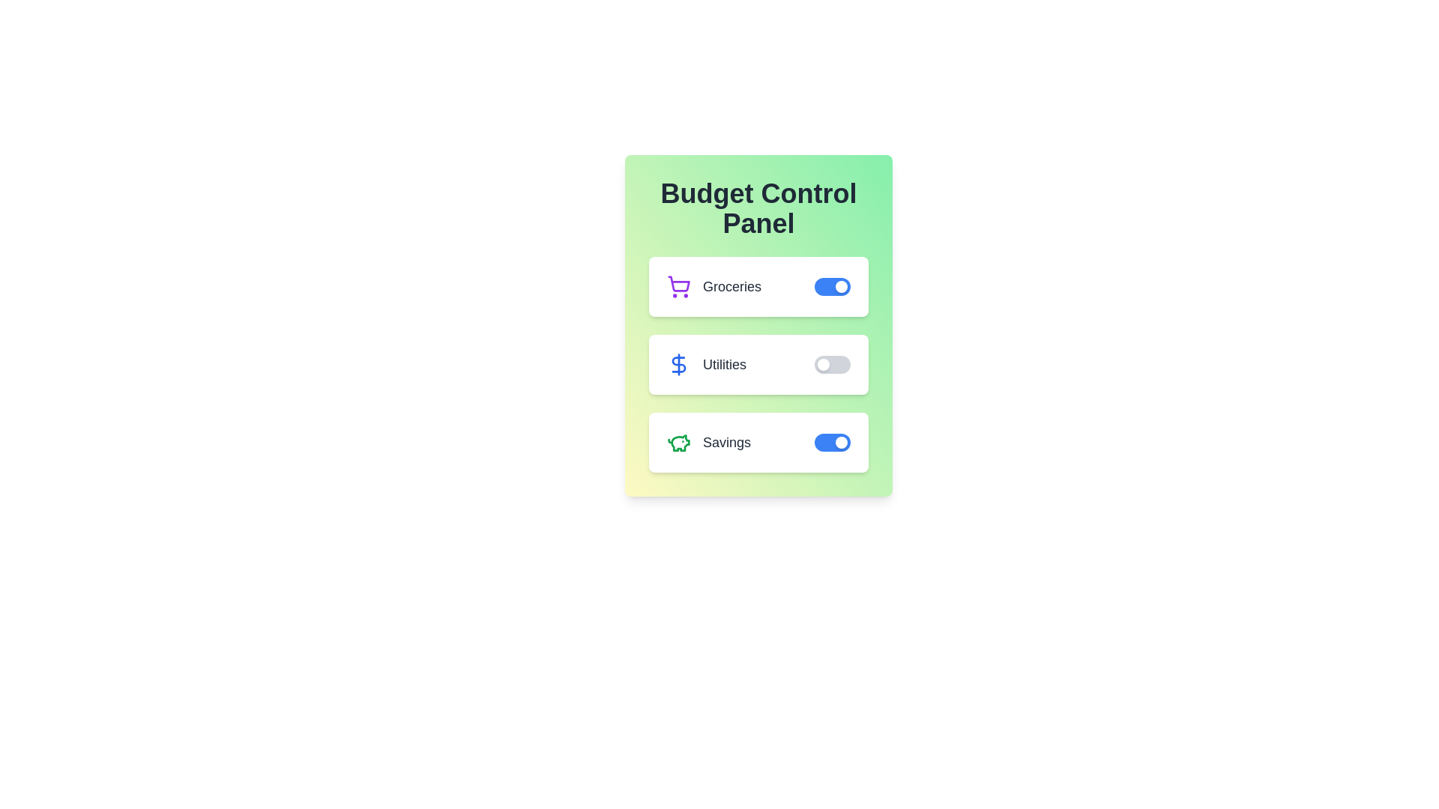  What do you see at coordinates (831, 364) in the screenshot?
I see `the 'Utilities' toggle switch to change its state` at bounding box center [831, 364].